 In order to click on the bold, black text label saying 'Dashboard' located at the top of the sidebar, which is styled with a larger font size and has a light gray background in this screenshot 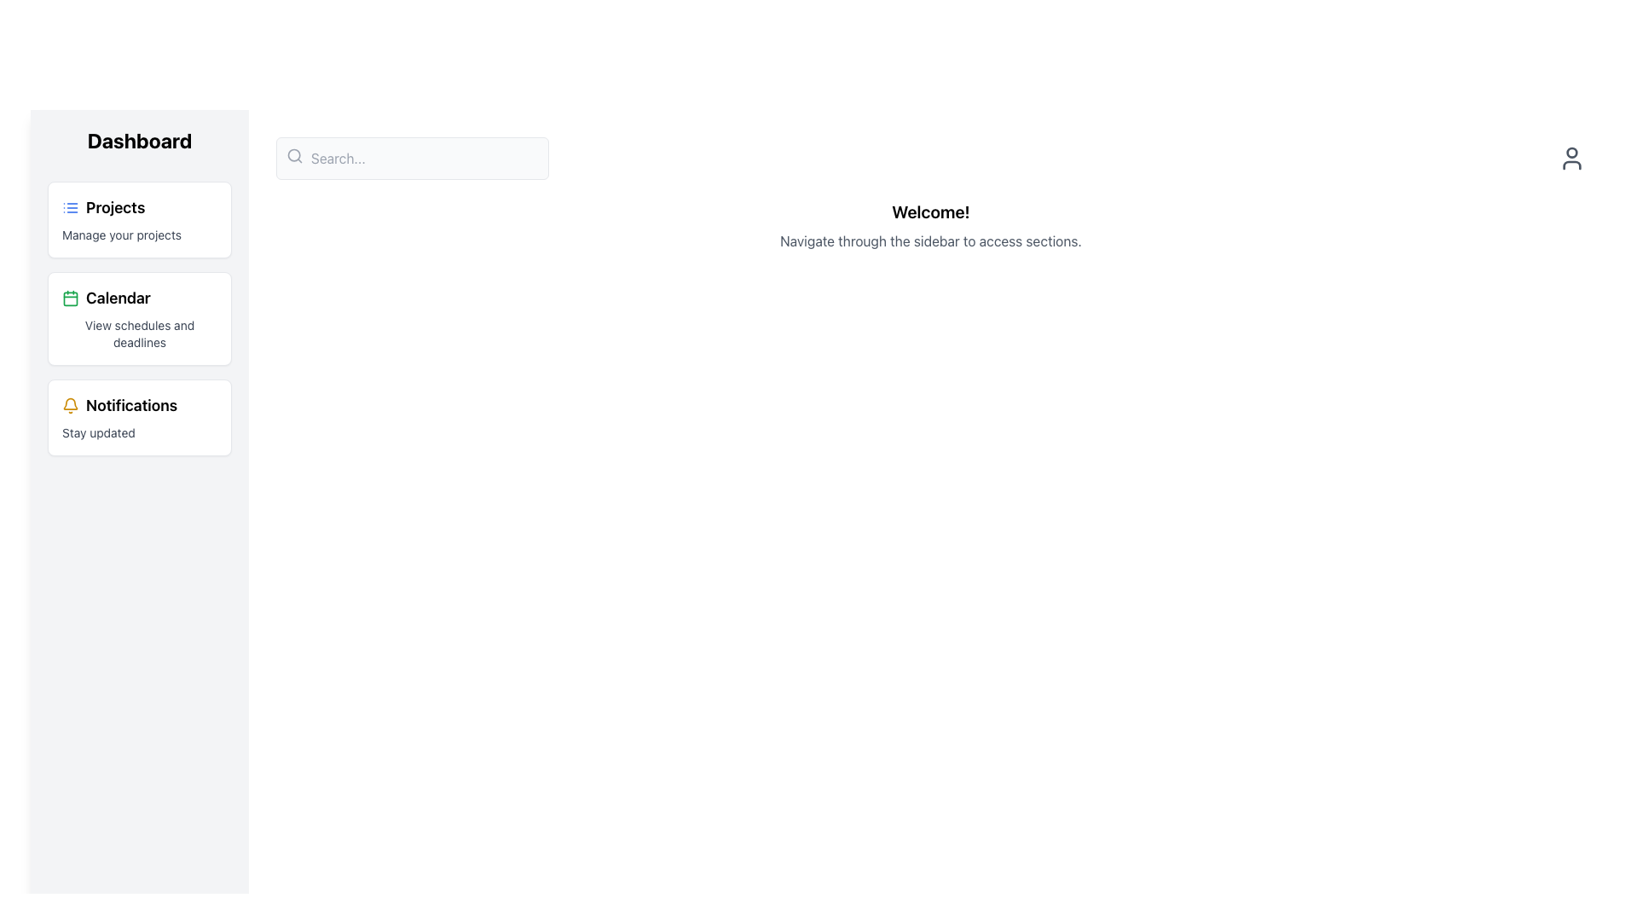, I will do `click(139, 140)`.